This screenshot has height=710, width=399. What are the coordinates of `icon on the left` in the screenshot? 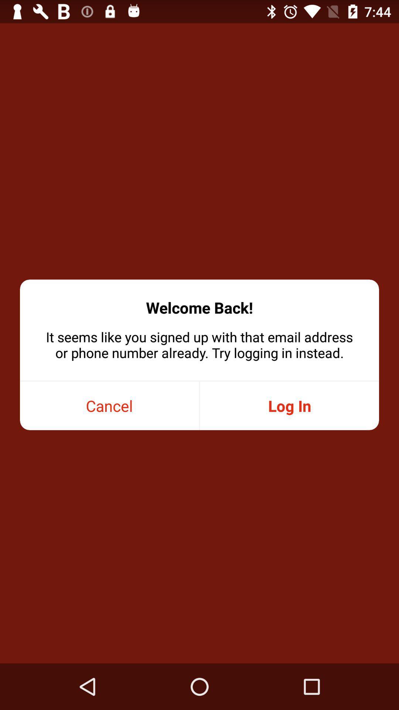 It's located at (109, 405).